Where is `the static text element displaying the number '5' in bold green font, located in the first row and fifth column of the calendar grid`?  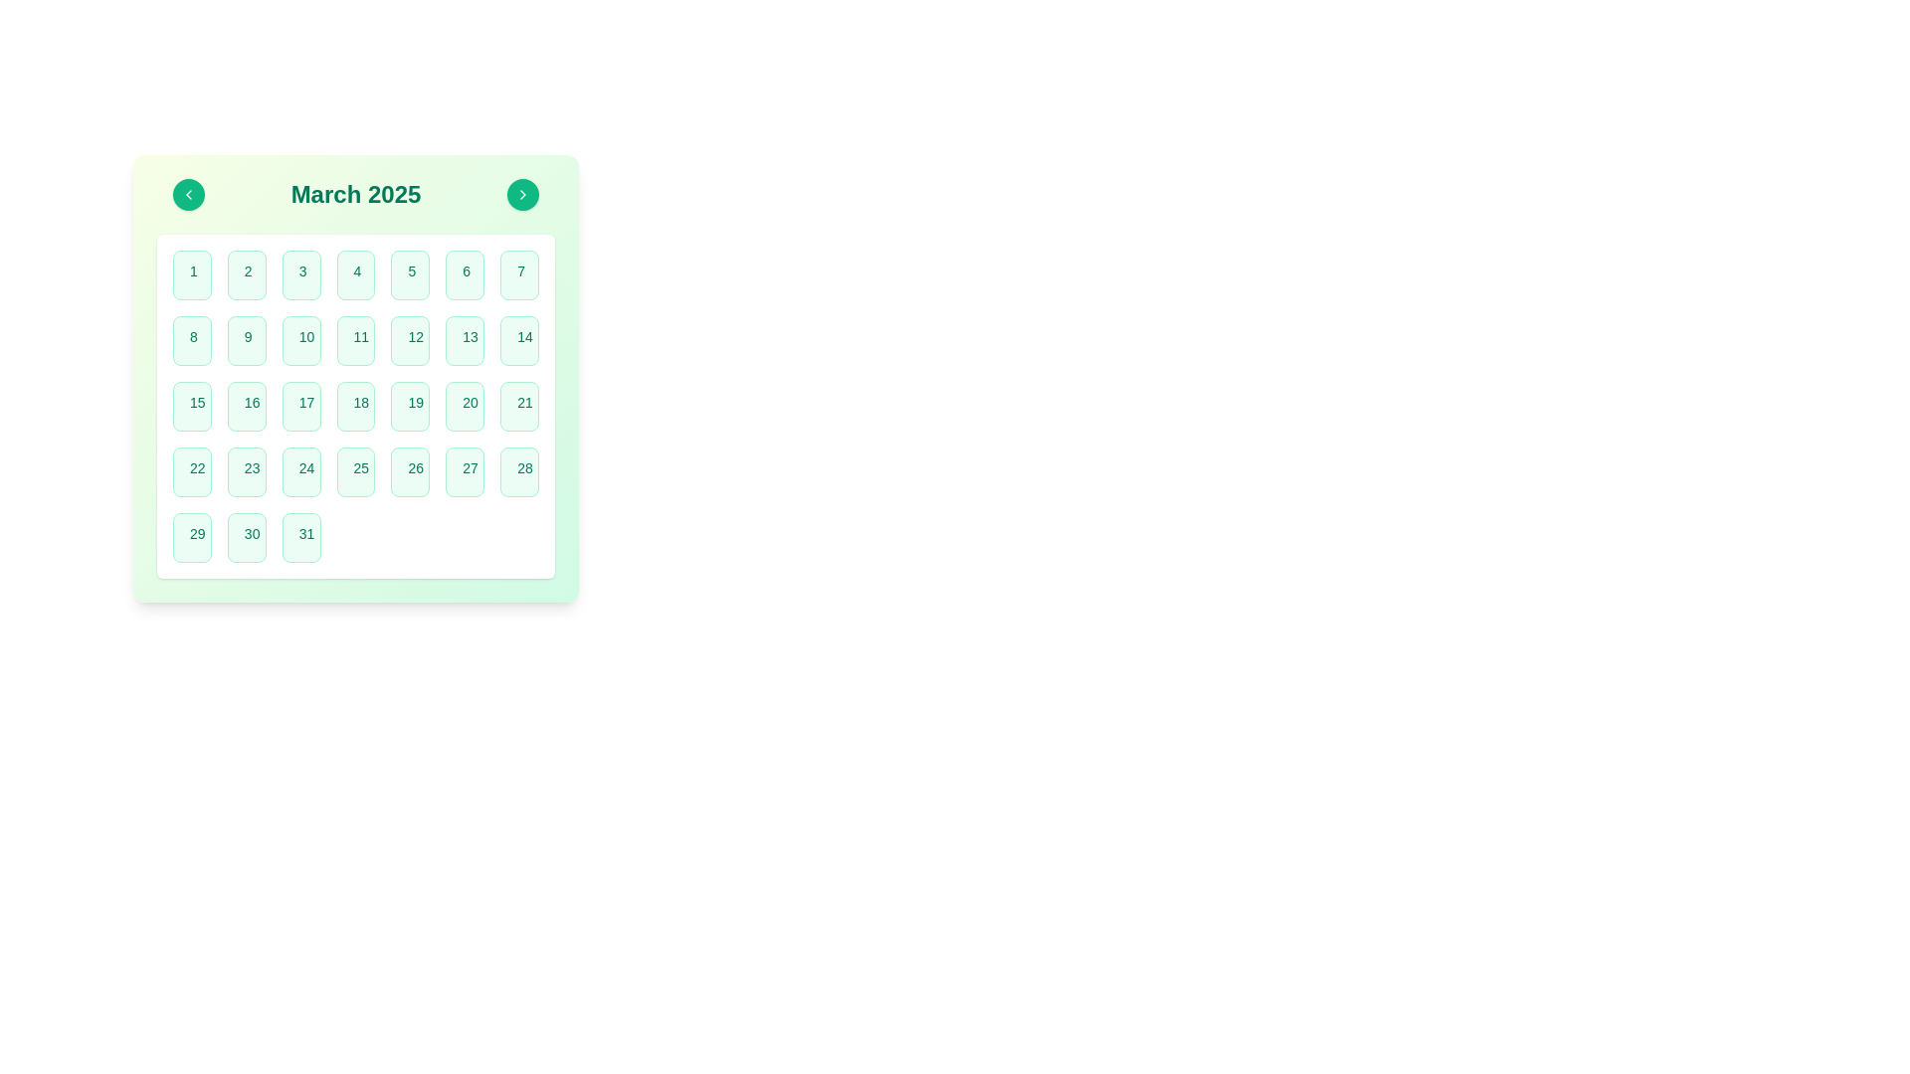 the static text element displaying the number '5' in bold green font, located in the first row and fifth column of the calendar grid is located at coordinates (411, 271).